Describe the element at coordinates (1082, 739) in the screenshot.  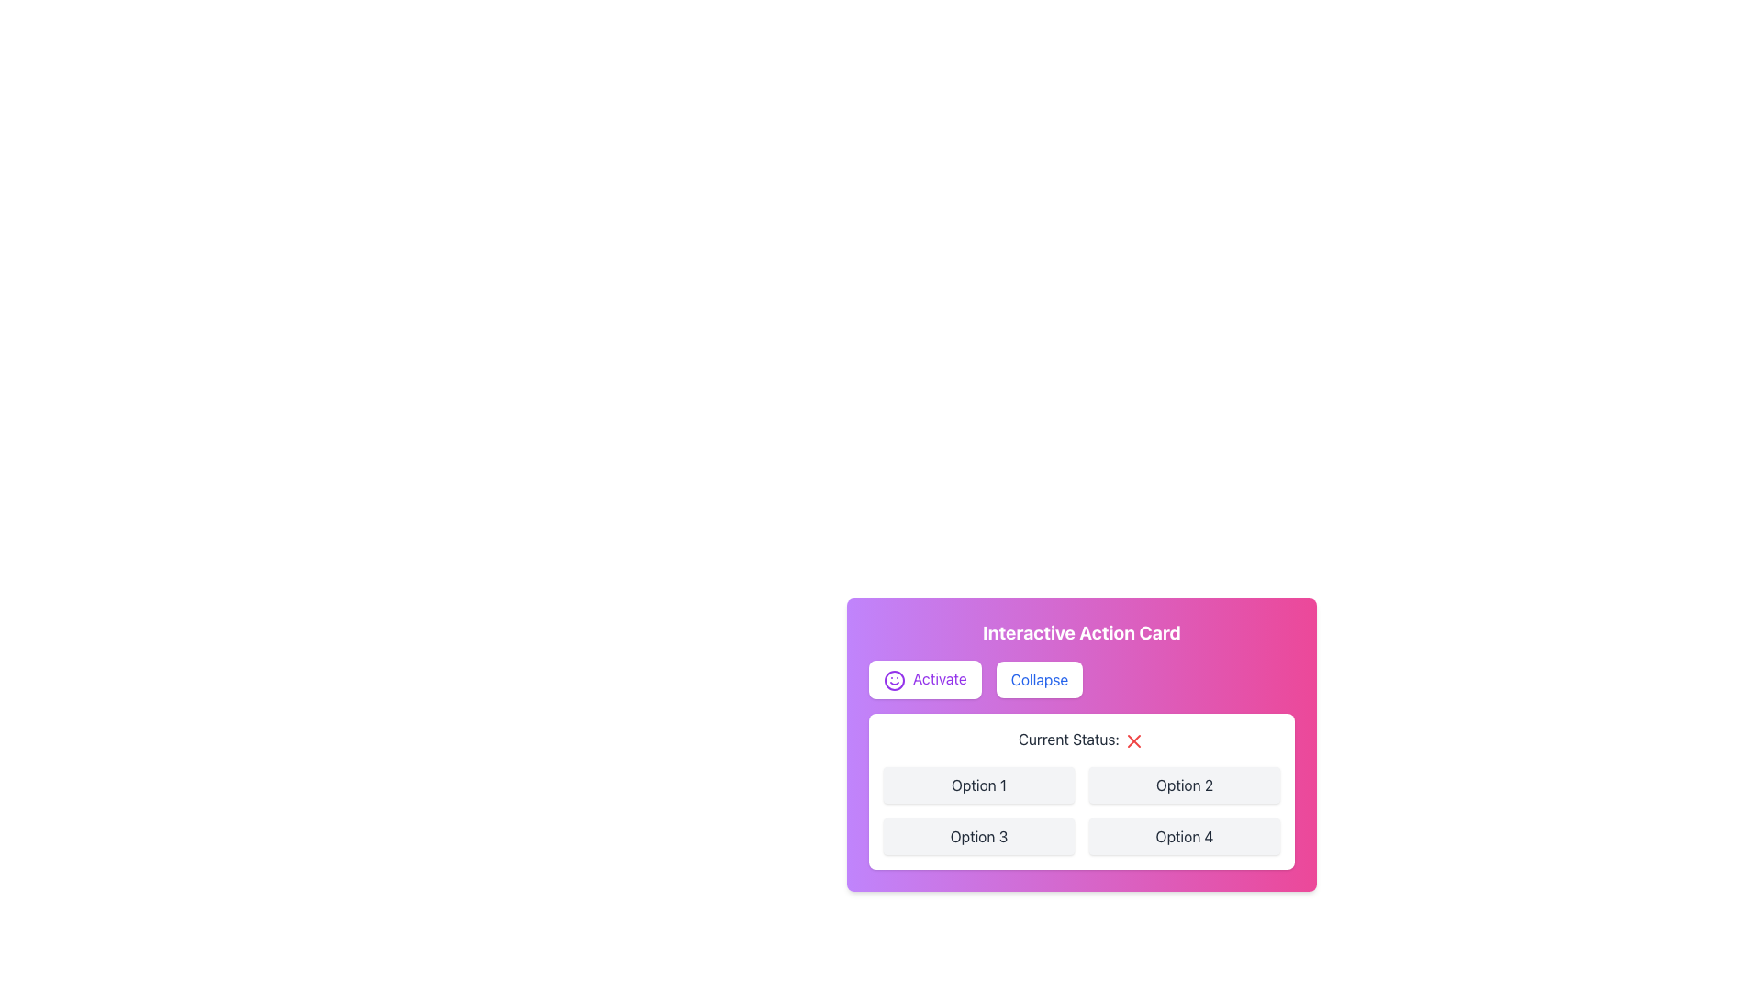
I see `text label 'Current Status:' which is styled bold and center aligned, located near the top of the white background within the purple gradient card` at that location.